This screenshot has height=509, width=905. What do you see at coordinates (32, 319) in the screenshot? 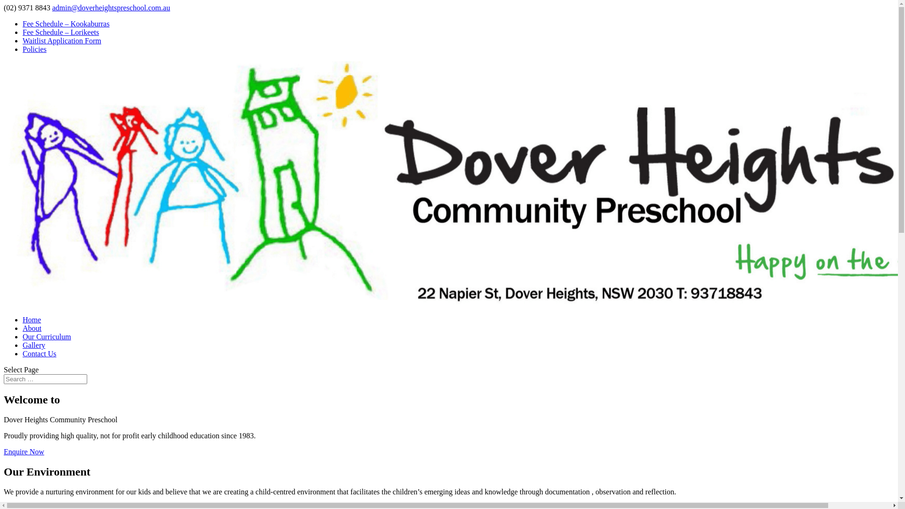
I see `'Home'` at bounding box center [32, 319].